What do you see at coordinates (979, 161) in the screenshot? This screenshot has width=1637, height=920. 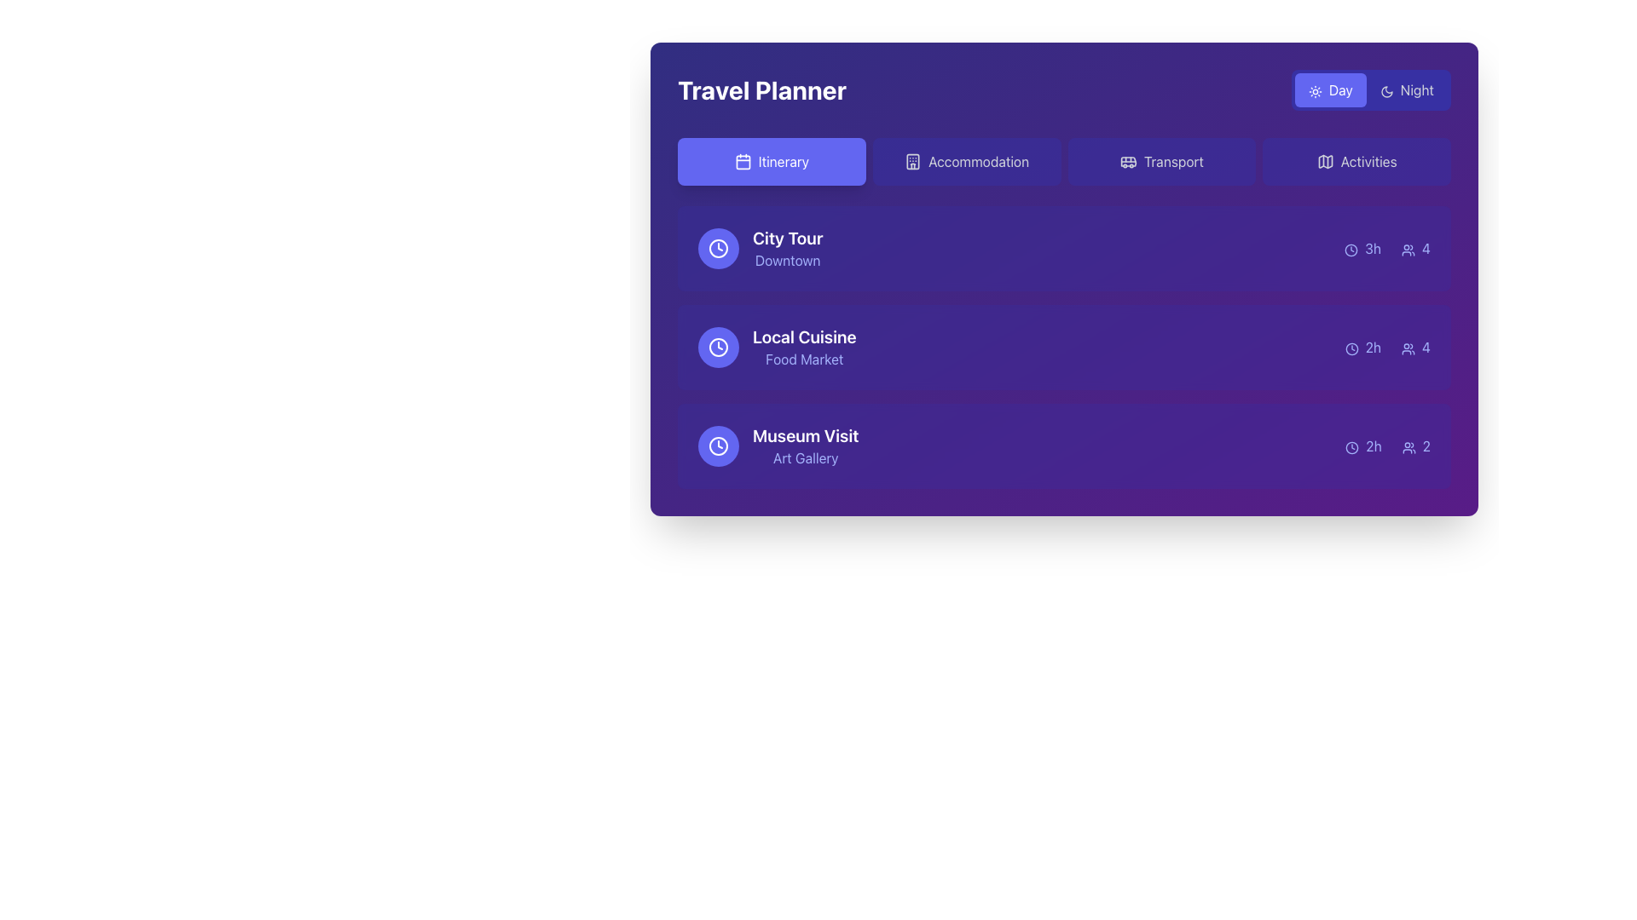 I see `the 'Accommodation' text label in the navigation tab, which is styled in a lighter color against a purple background, positioned second from the left in the top navigation menu` at bounding box center [979, 161].